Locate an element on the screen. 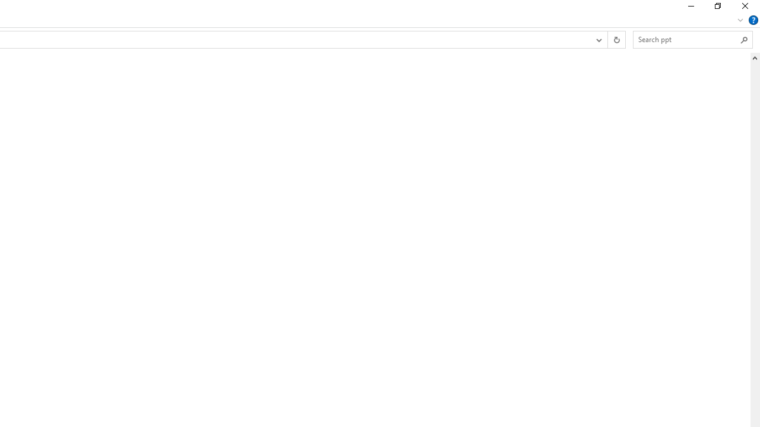  'Refresh "ppt" (F5)' is located at coordinates (616, 39).